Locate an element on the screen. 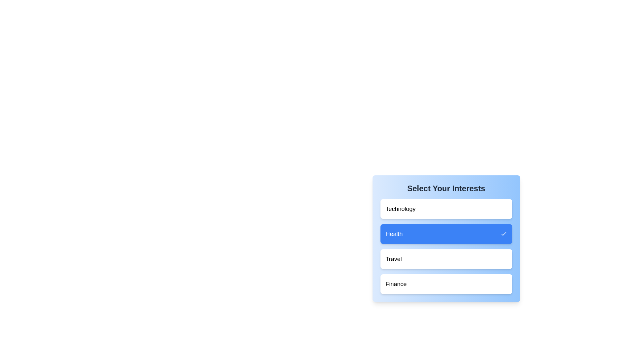 The image size is (633, 356). the topic Technology to observe its hover effect is located at coordinates (446, 209).